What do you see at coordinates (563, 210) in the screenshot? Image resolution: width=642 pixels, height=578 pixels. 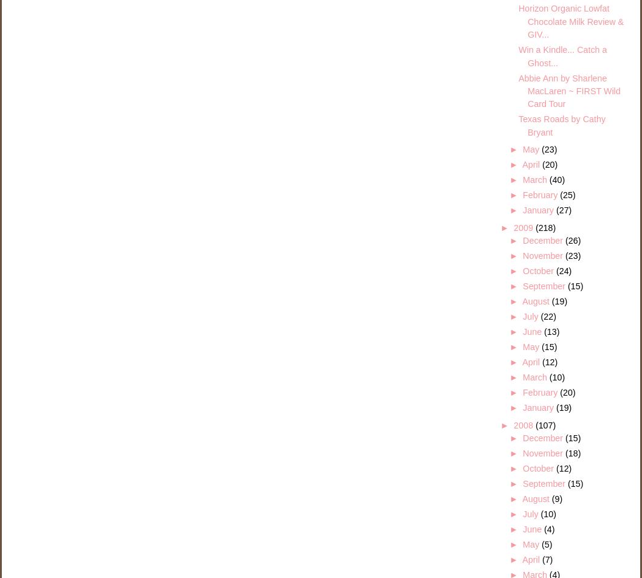 I see `'(27)'` at bounding box center [563, 210].